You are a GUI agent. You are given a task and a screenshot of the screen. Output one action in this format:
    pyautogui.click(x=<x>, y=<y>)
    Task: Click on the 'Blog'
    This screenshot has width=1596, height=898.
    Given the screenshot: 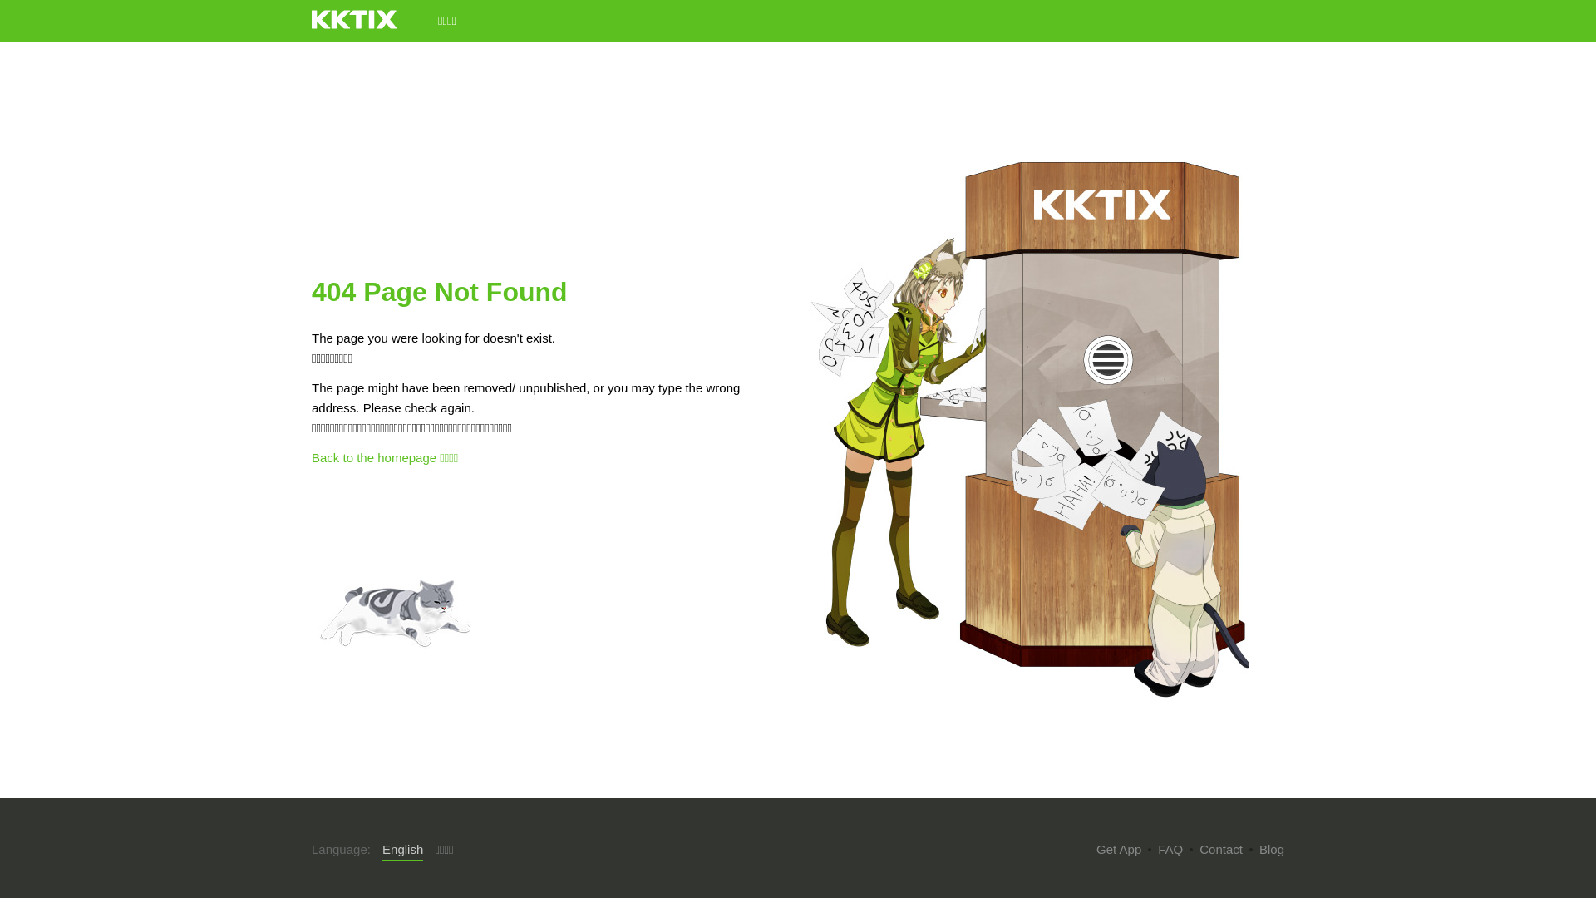 What is the action you would take?
    pyautogui.click(x=1271, y=849)
    